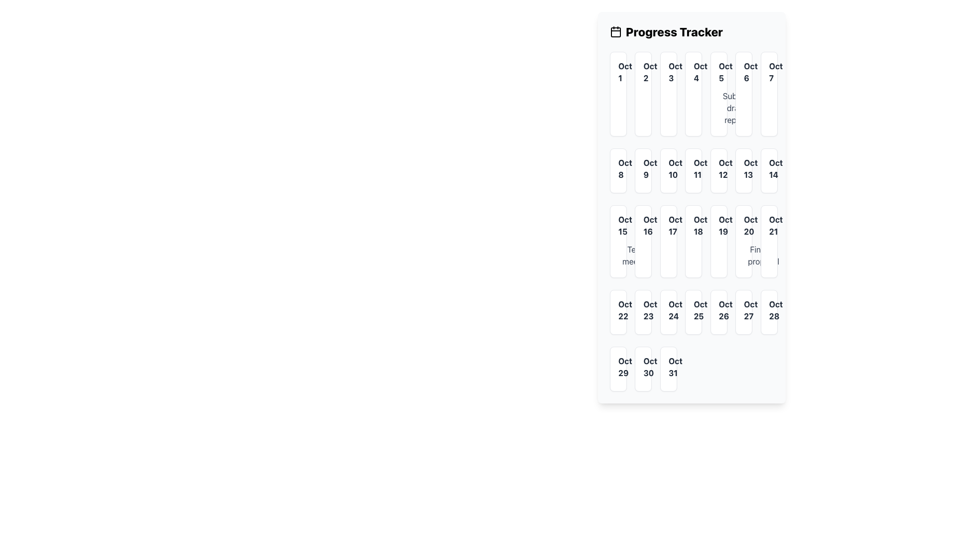 Image resolution: width=956 pixels, height=538 pixels. Describe the element at coordinates (693, 170) in the screenshot. I see `the Calendar Date Cell displaying 'Oct 11'` at that location.